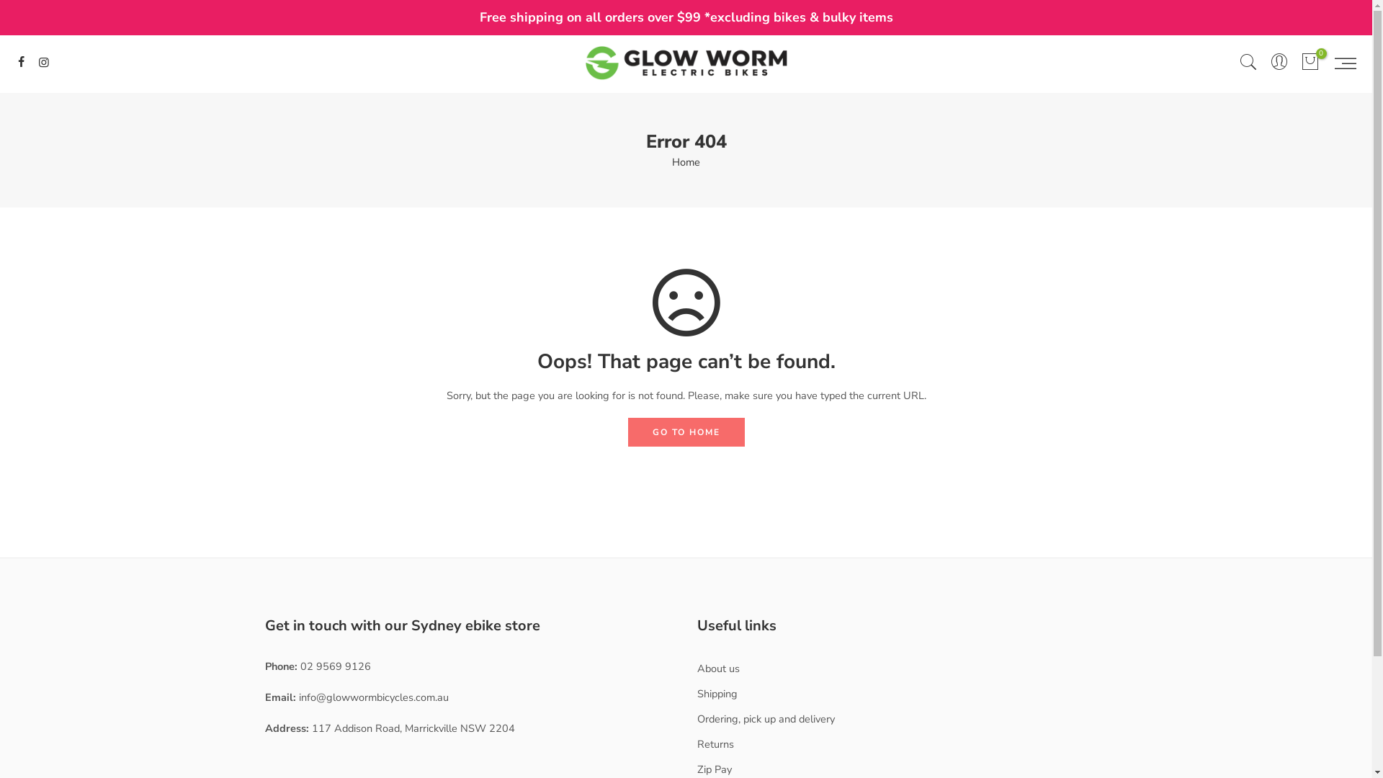 This screenshot has width=1383, height=778. Describe the element at coordinates (715, 744) in the screenshot. I see `'Returns'` at that location.